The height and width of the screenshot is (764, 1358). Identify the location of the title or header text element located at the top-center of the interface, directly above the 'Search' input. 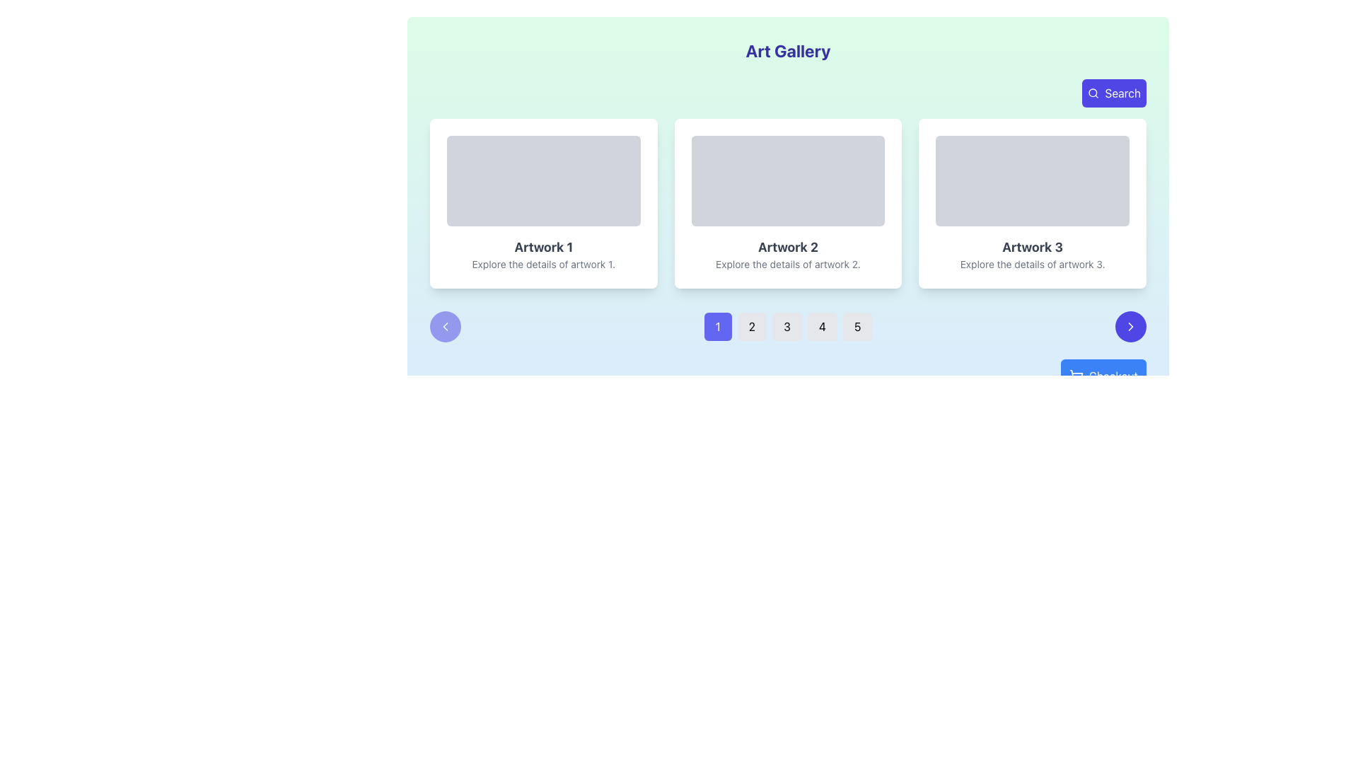
(787, 50).